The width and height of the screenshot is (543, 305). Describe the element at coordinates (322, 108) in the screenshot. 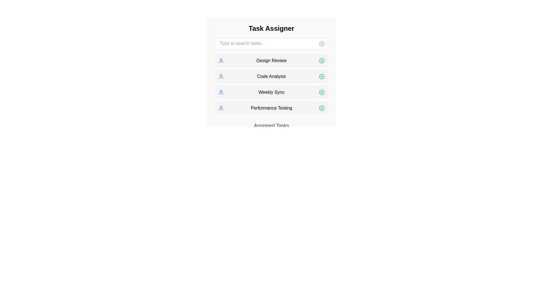

I see `the interactive button on the right side of the 'Performance Testing' row` at that location.